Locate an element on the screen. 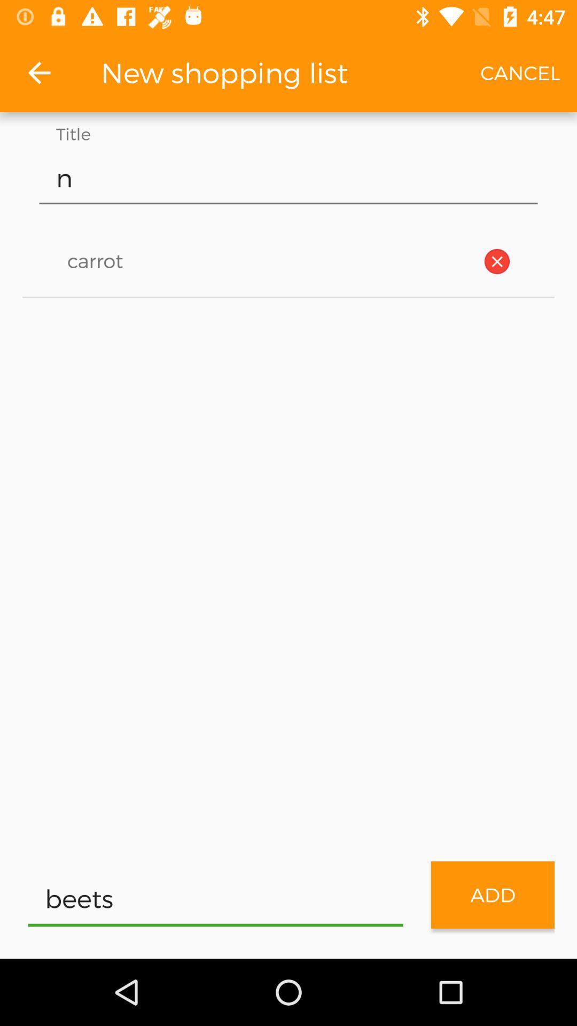 This screenshot has width=577, height=1026. of the app is located at coordinates (497, 261).